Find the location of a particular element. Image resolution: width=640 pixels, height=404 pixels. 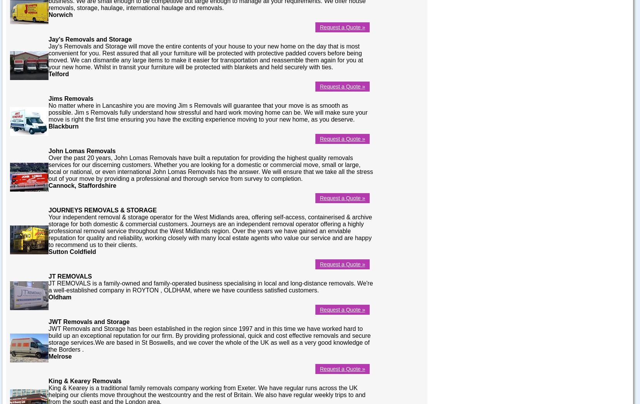

'Melrose' is located at coordinates (60, 356).